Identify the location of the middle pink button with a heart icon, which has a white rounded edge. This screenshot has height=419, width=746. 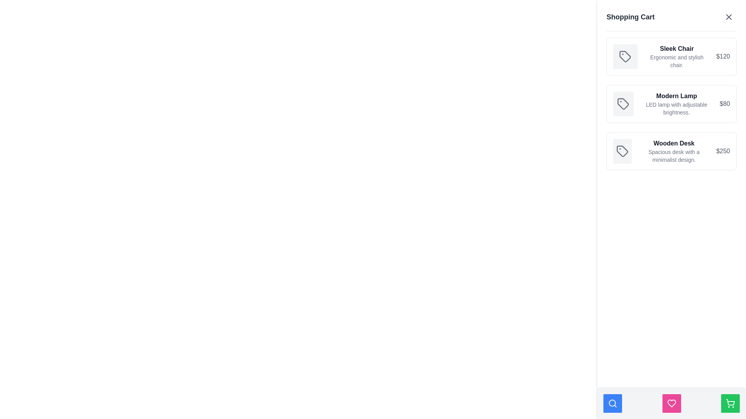
(671, 403).